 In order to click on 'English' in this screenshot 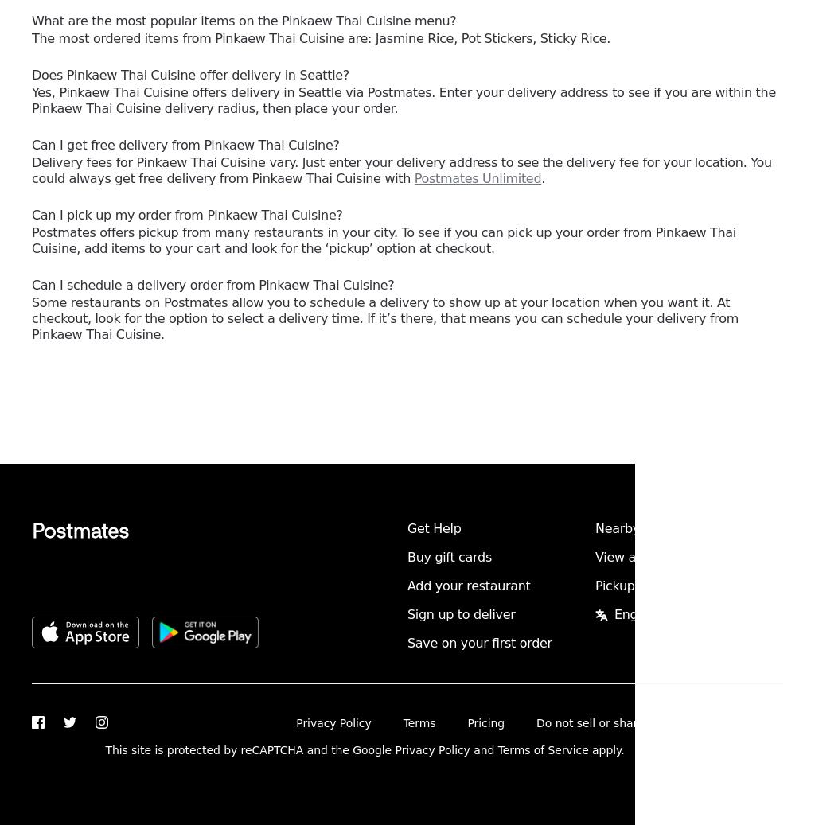, I will do `click(636, 614)`.